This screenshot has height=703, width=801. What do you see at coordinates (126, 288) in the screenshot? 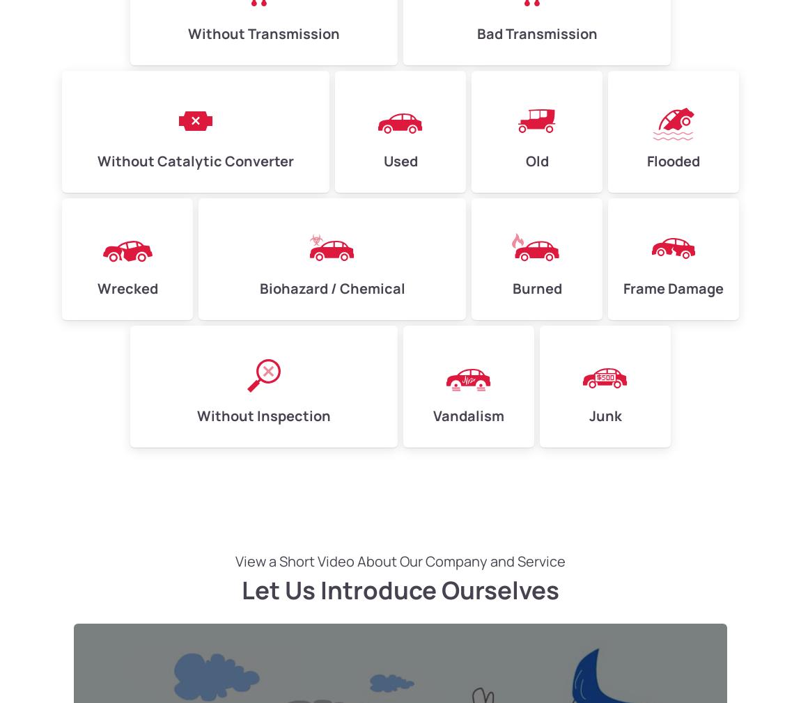
I see `'Wrecked'` at bounding box center [126, 288].